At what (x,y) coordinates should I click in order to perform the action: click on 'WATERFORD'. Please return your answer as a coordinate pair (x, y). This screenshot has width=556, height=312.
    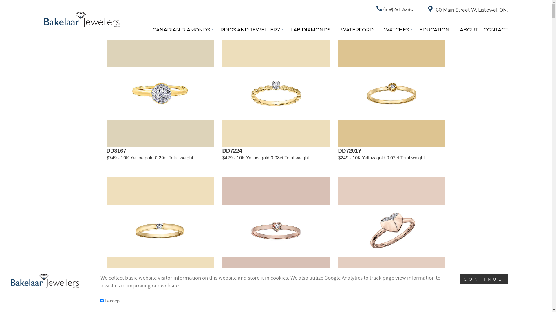
    Looking at the image, I should click on (341, 30).